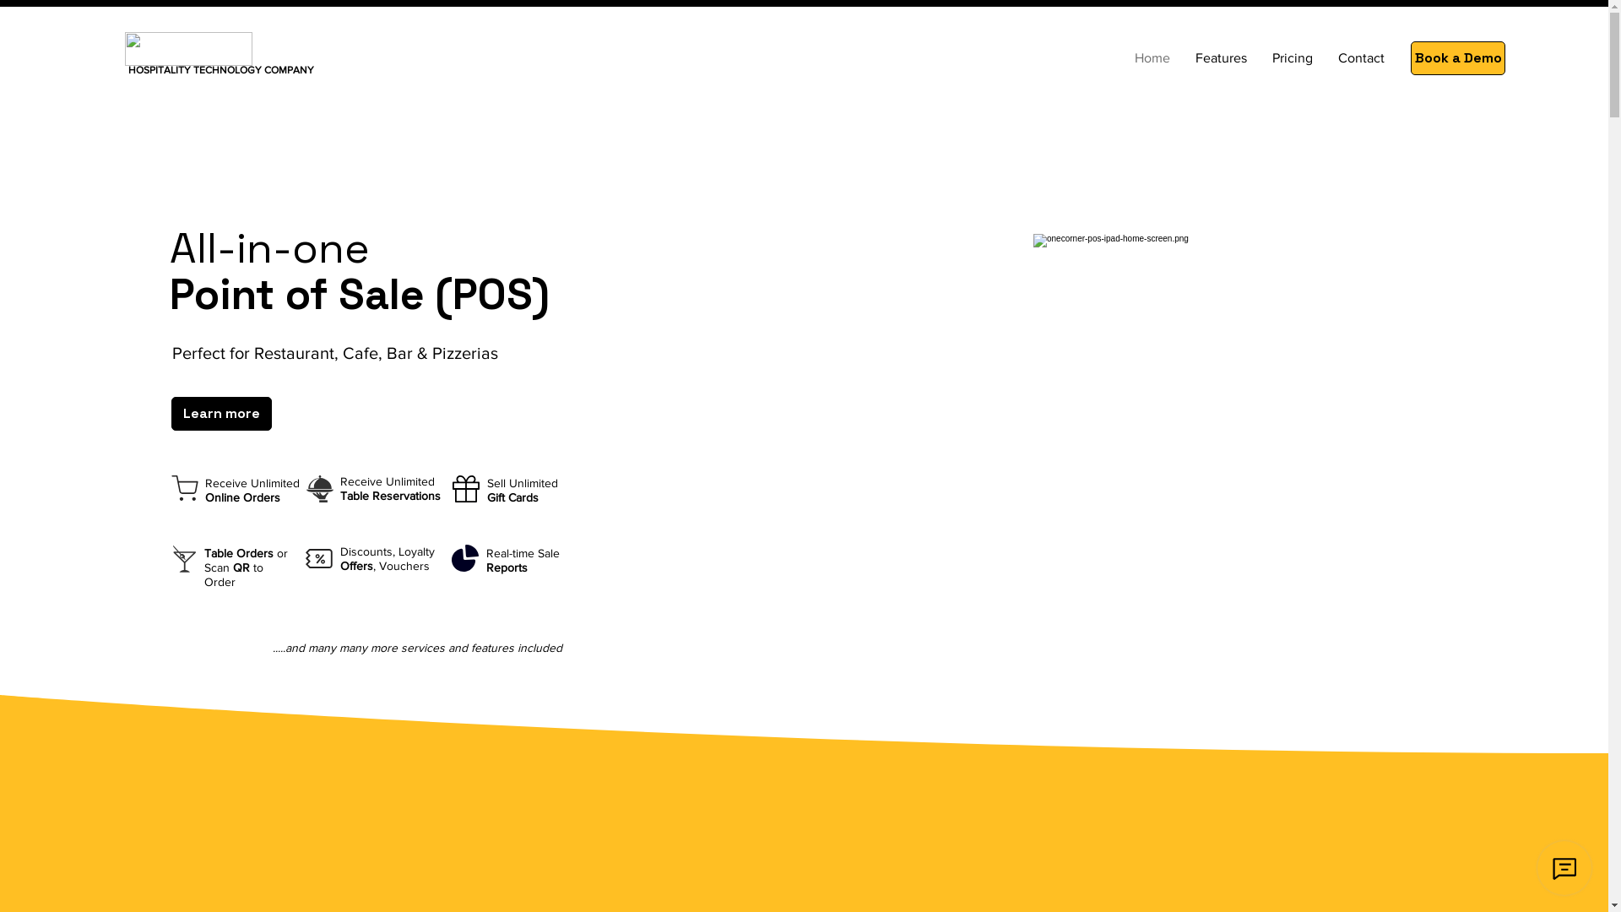 This screenshot has height=912, width=1621. I want to click on 'Home', so click(1151, 57).